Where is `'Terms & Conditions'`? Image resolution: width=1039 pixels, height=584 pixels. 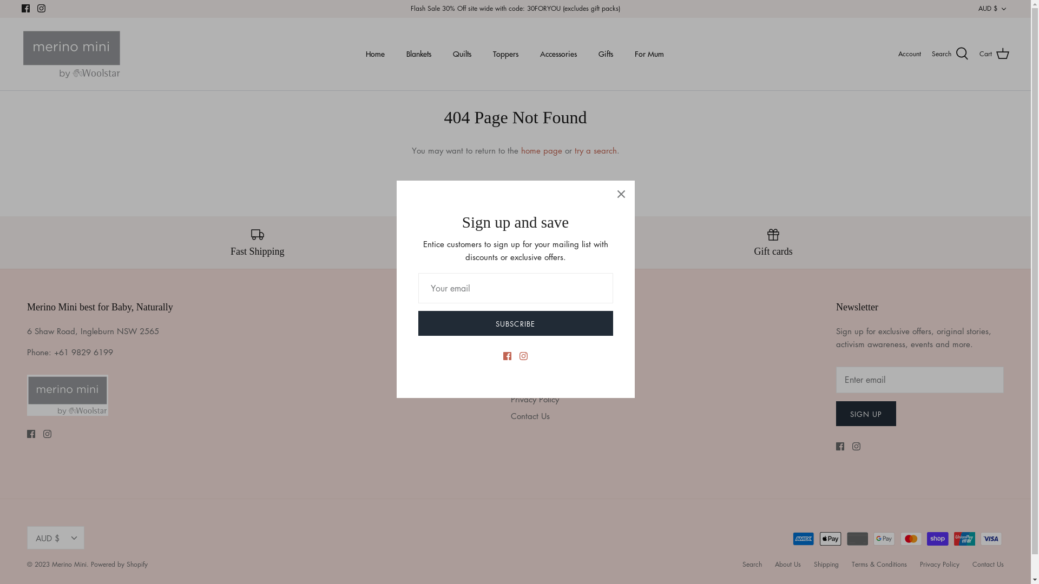
'Terms & Conditions' is located at coordinates (879, 563).